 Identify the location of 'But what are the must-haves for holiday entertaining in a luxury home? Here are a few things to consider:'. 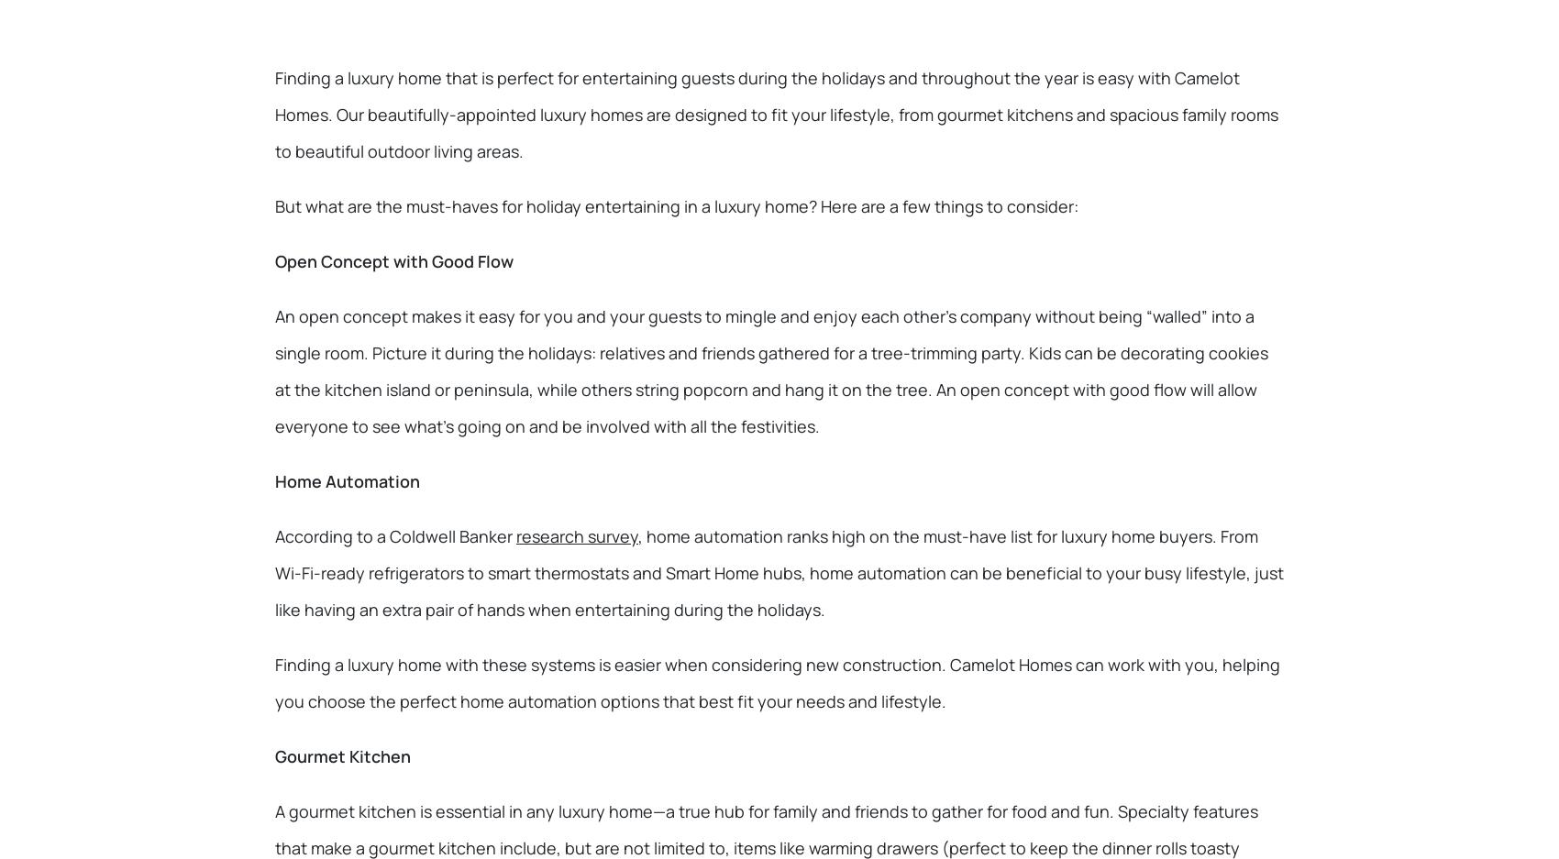
(676, 204).